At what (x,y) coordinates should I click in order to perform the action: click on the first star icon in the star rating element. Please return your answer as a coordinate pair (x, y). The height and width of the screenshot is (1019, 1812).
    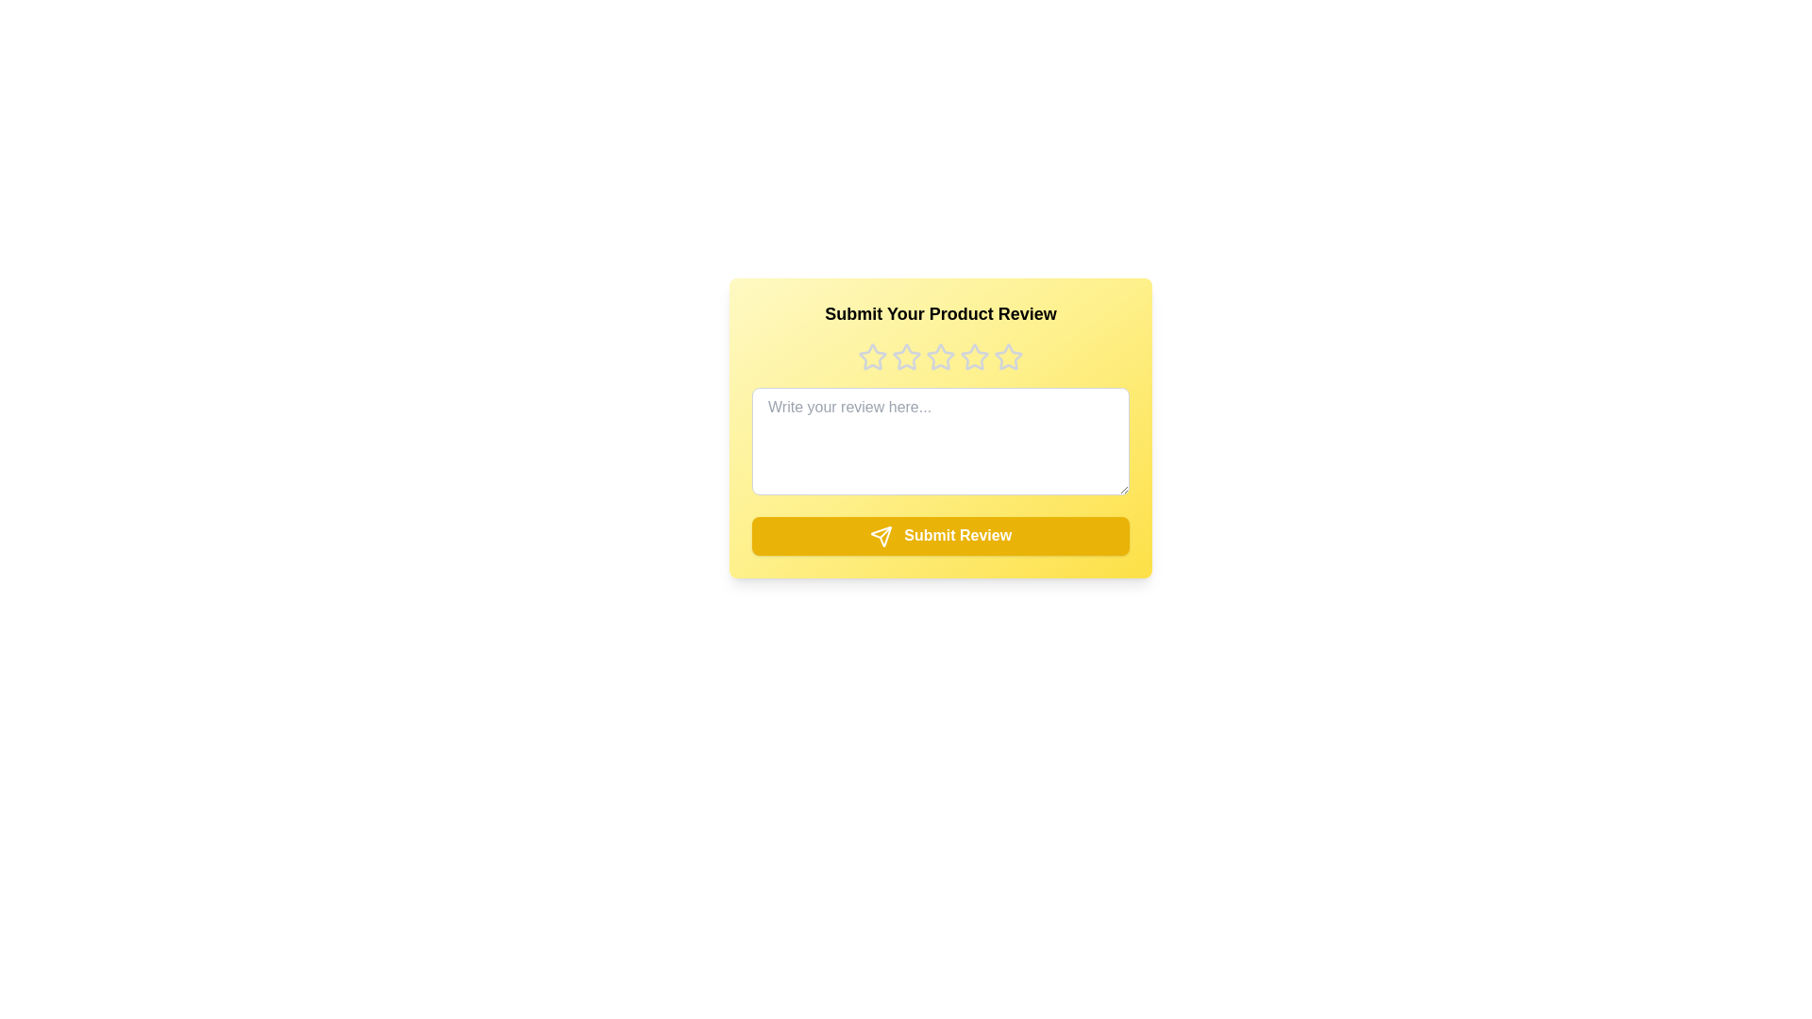
    Looking at the image, I should click on (872, 357).